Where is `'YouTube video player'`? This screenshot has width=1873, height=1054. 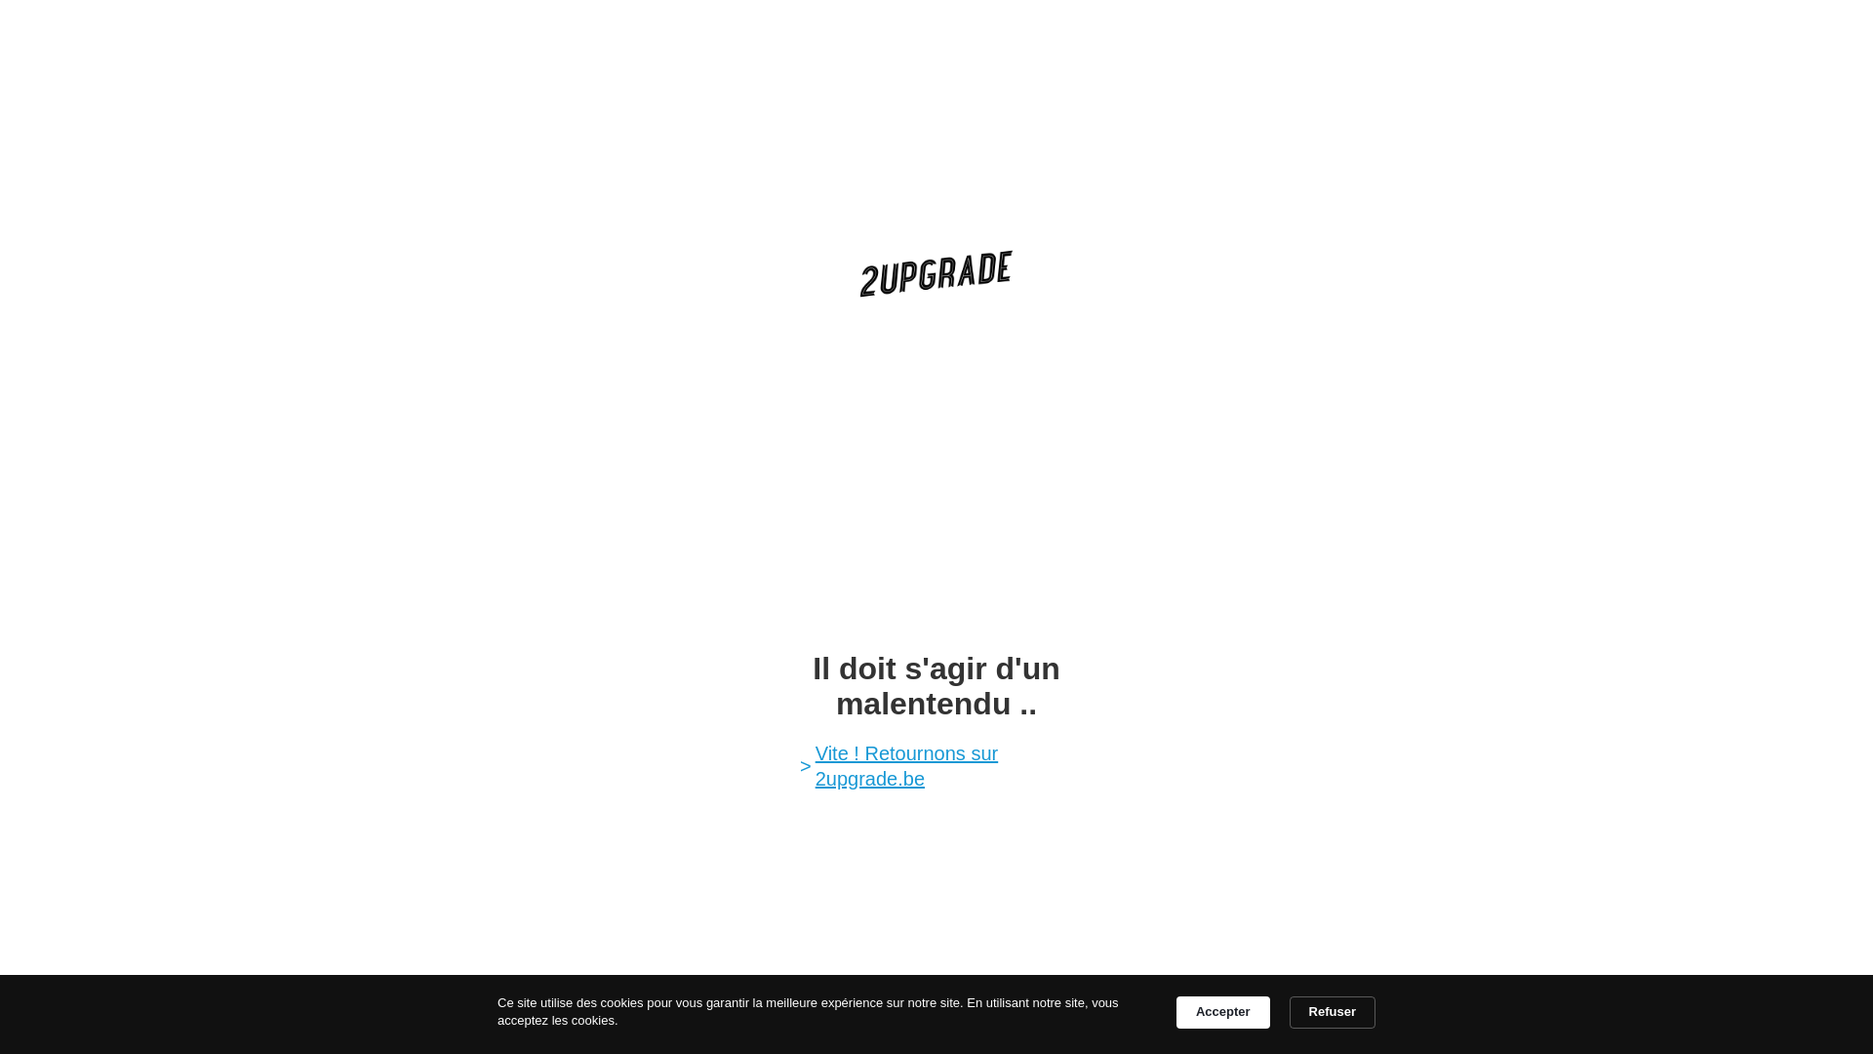
'YouTube video player' is located at coordinates (936, 472).